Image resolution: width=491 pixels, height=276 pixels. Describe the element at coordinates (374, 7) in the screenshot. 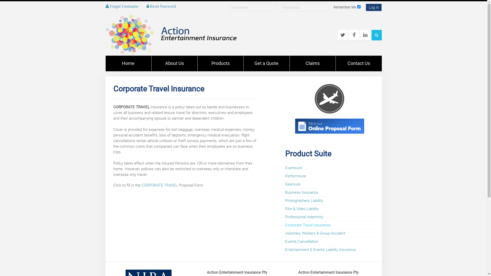

I see `'Log in'` at that location.